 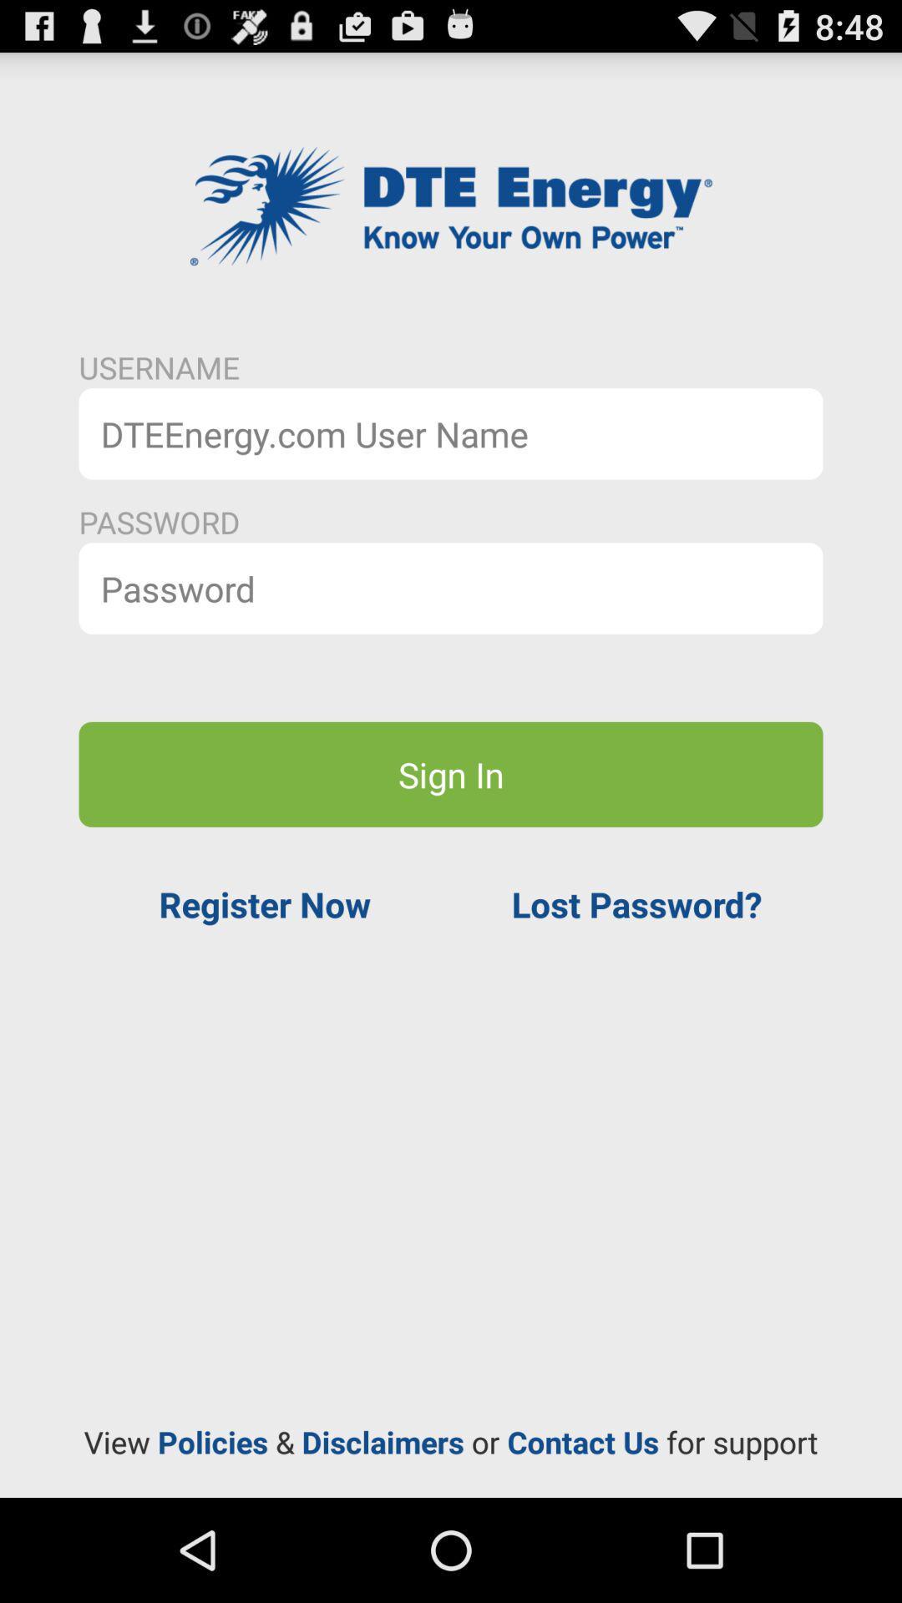 I want to click on sign in button, so click(x=451, y=773).